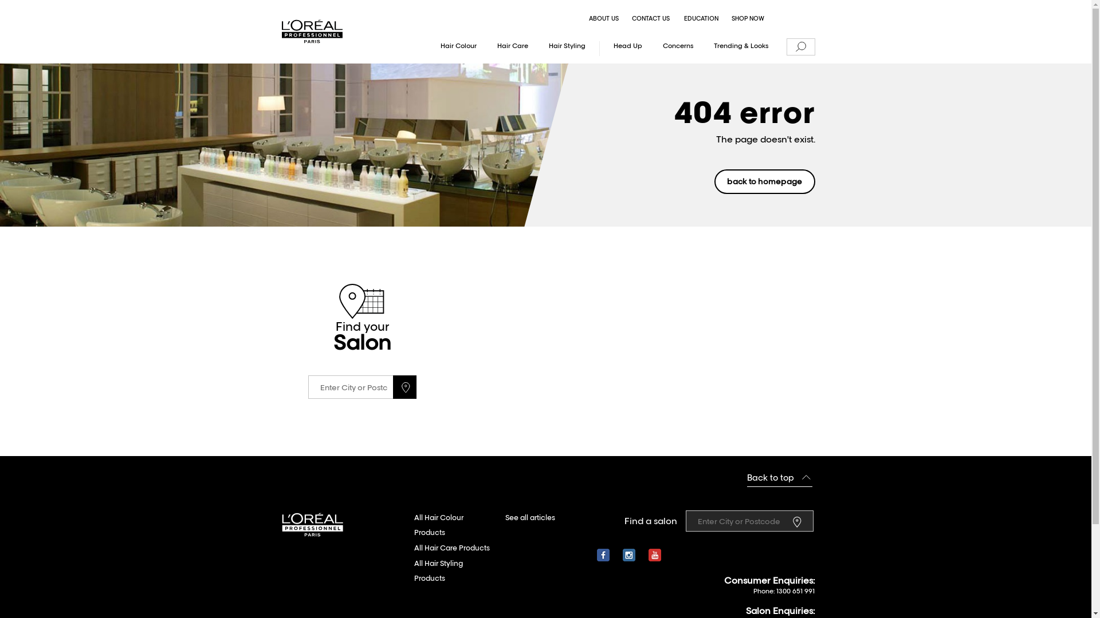 This screenshot has width=1100, height=618. What do you see at coordinates (779, 478) in the screenshot?
I see `'Back to top'` at bounding box center [779, 478].